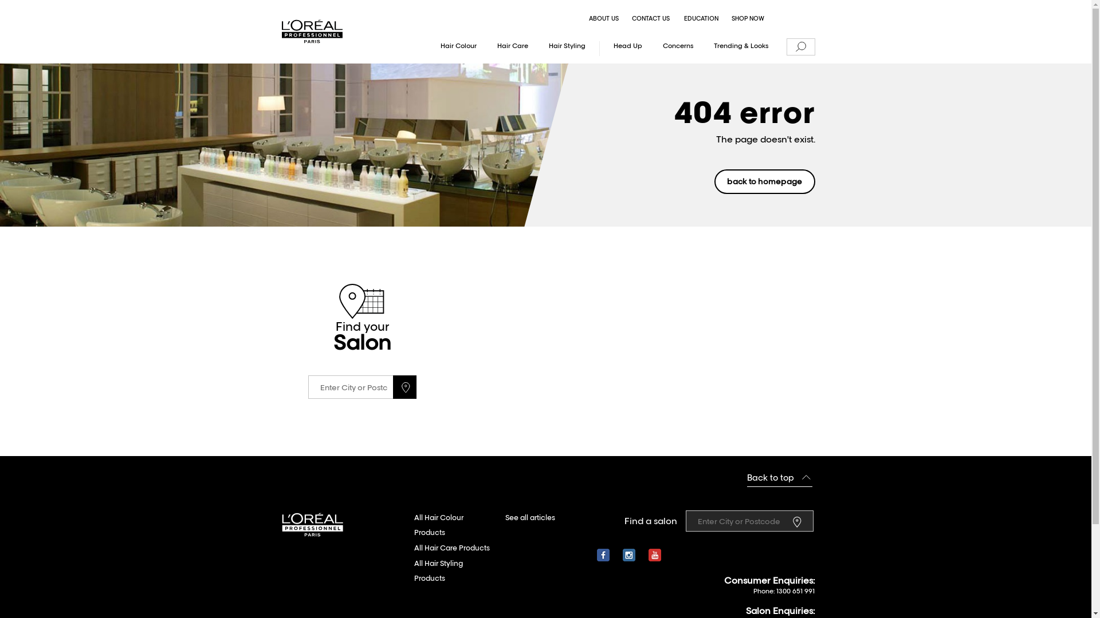 This screenshot has width=1100, height=618. What do you see at coordinates (779, 478) in the screenshot?
I see `'Back to top'` at bounding box center [779, 478].